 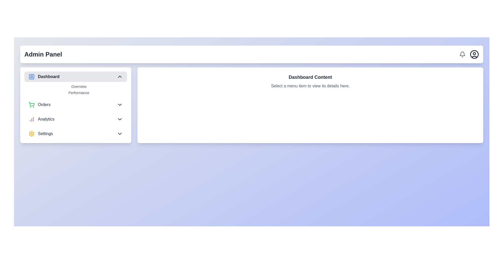 I want to click on the bell icon located near the upper-right corner of the interface, so click(x=462, y=54).